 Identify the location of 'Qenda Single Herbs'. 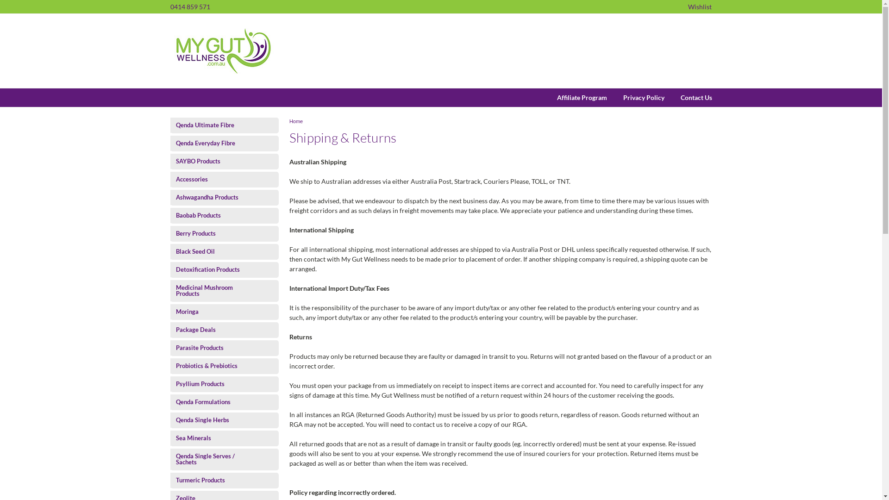
(170, 420).